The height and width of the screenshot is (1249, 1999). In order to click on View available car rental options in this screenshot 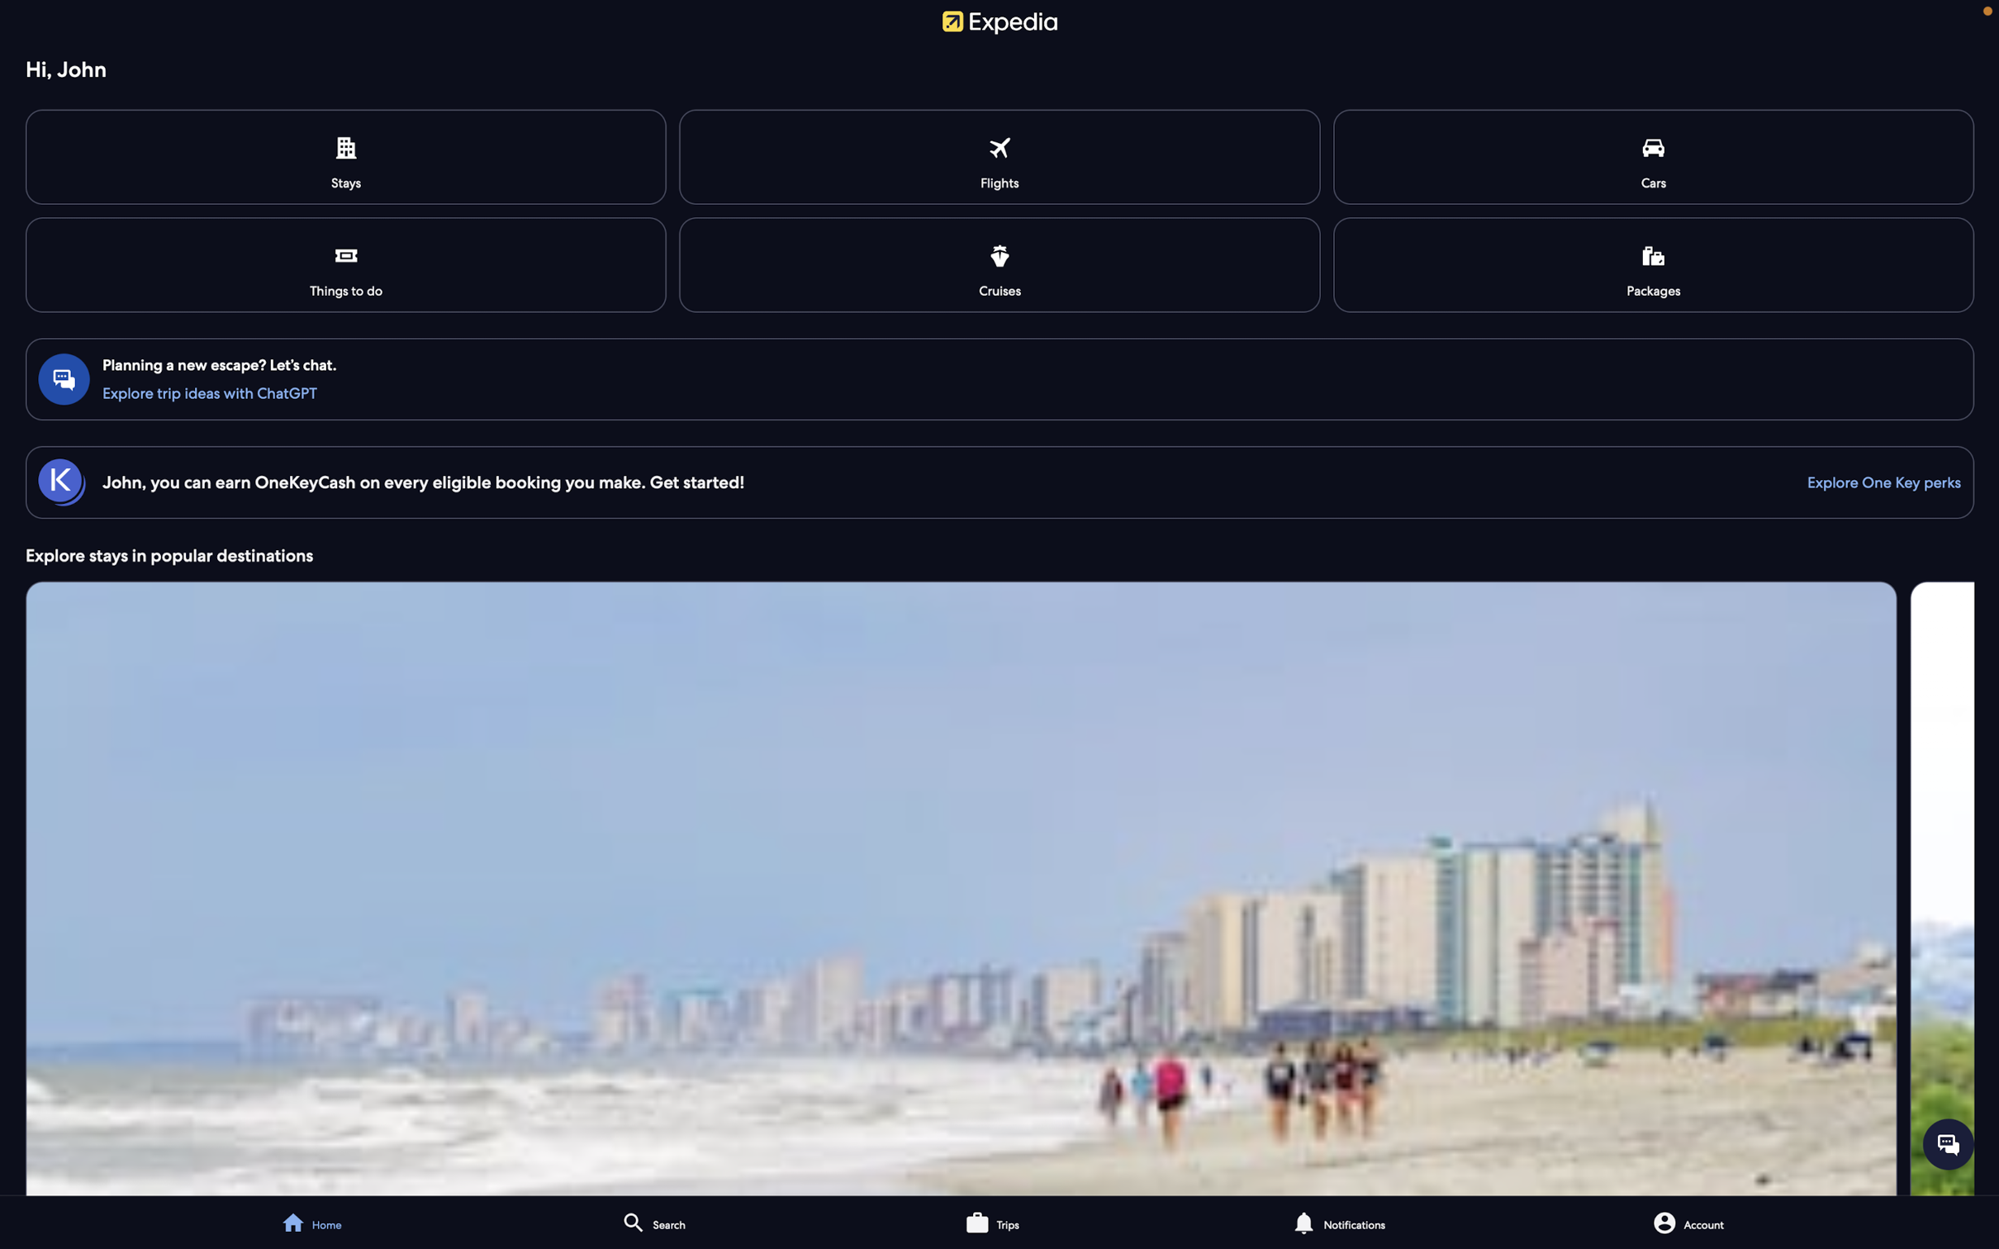, I will do `click(1654, 157)`.